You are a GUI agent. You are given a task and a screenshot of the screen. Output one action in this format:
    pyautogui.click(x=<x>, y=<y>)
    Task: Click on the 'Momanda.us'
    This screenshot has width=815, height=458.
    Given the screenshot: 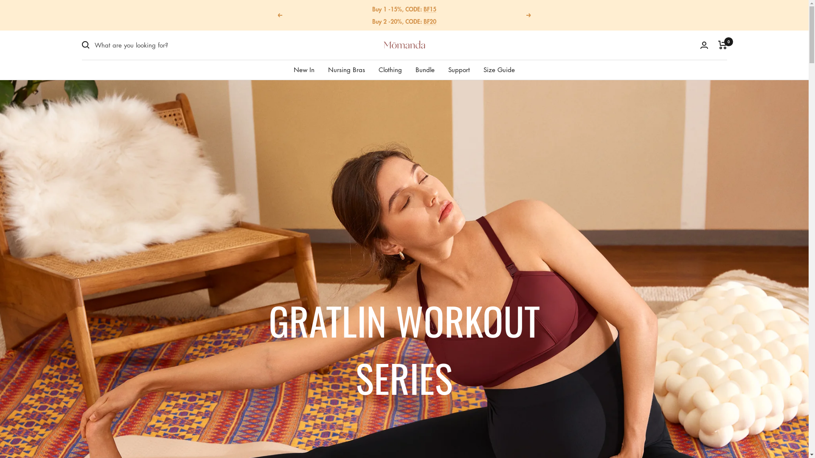 What is the action you would take?
    pyautogui.click(x=404, y=45)
    